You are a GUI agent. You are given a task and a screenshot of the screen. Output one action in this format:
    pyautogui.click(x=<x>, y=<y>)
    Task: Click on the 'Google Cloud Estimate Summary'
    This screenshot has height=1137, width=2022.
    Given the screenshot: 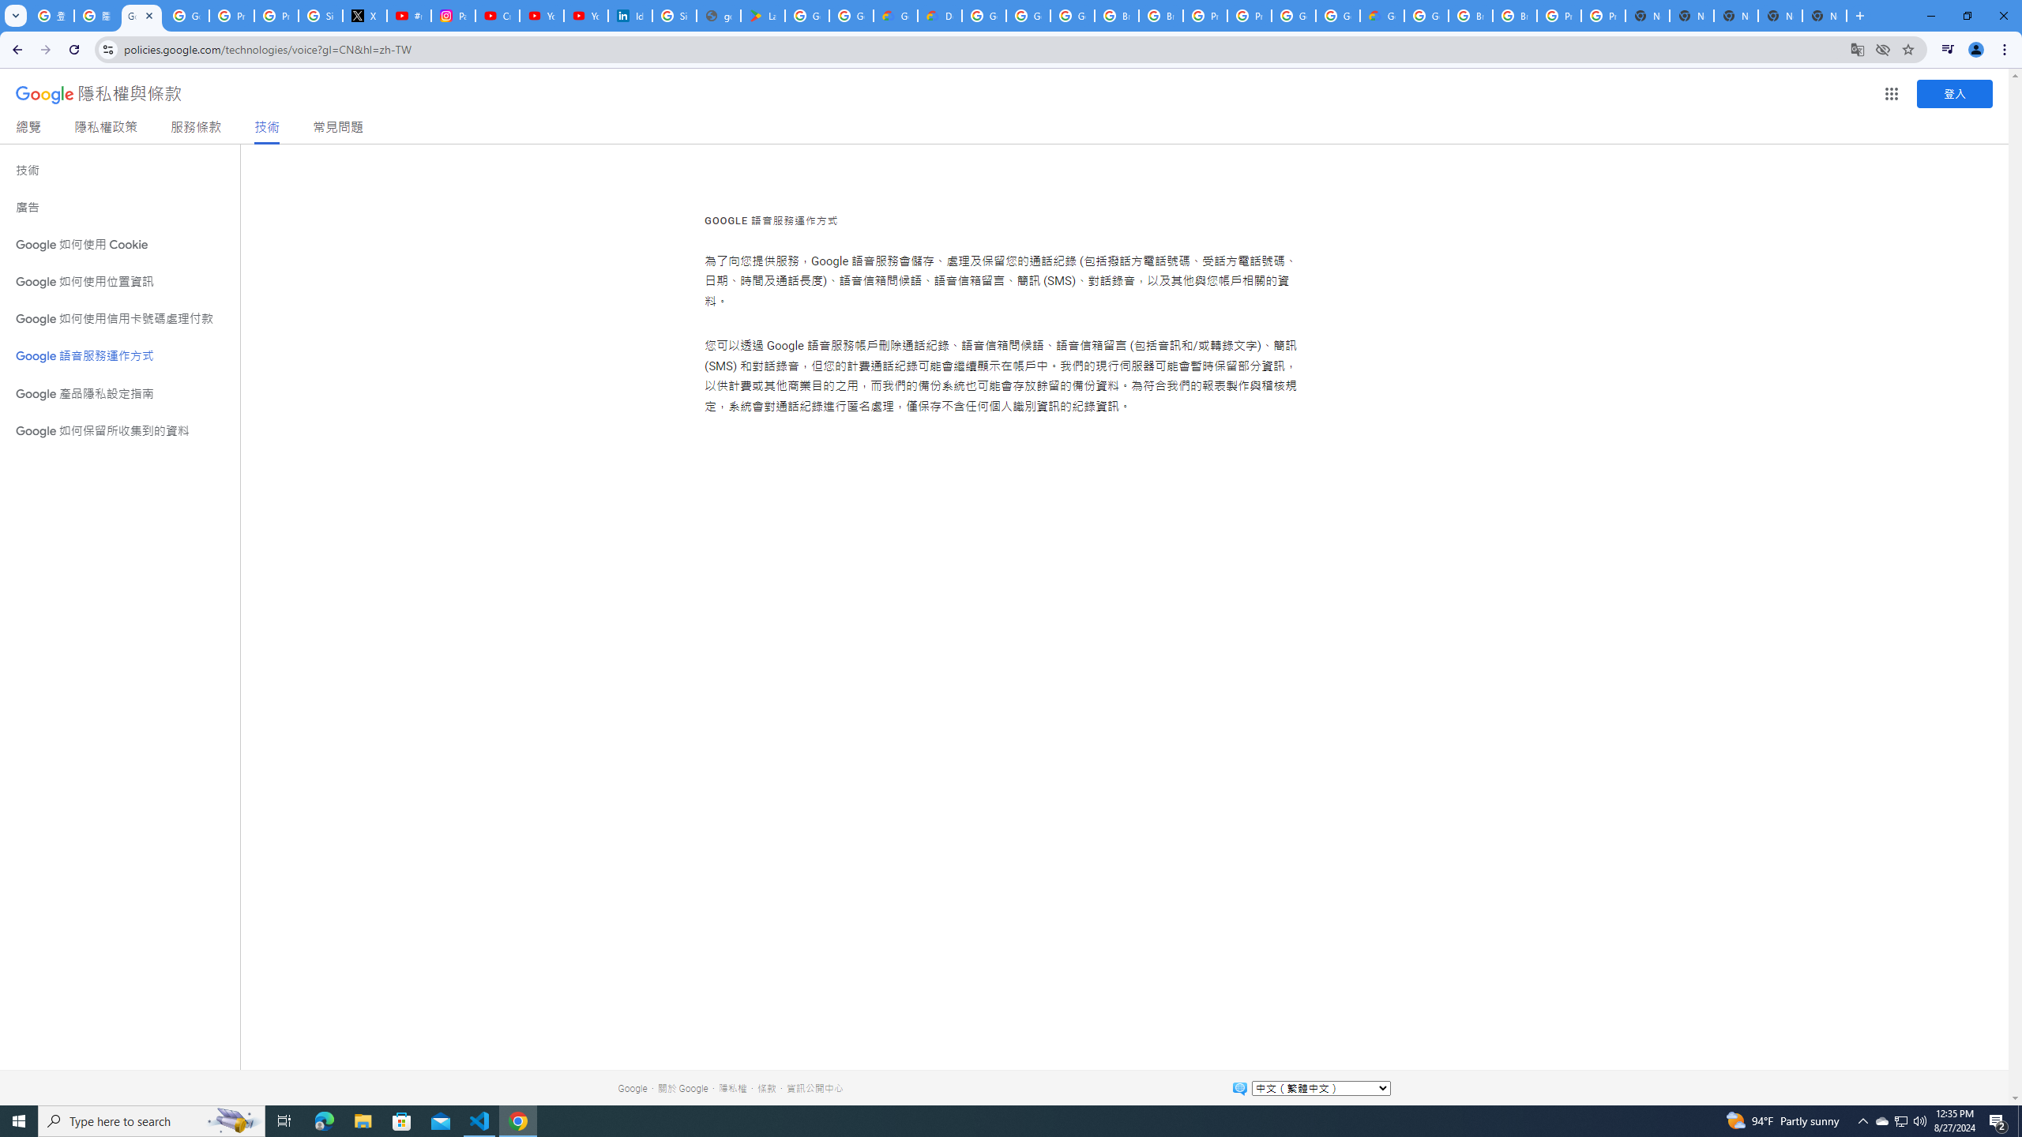 What is the action you would take?
    pyautogui.click(x=1381, y=15)
    